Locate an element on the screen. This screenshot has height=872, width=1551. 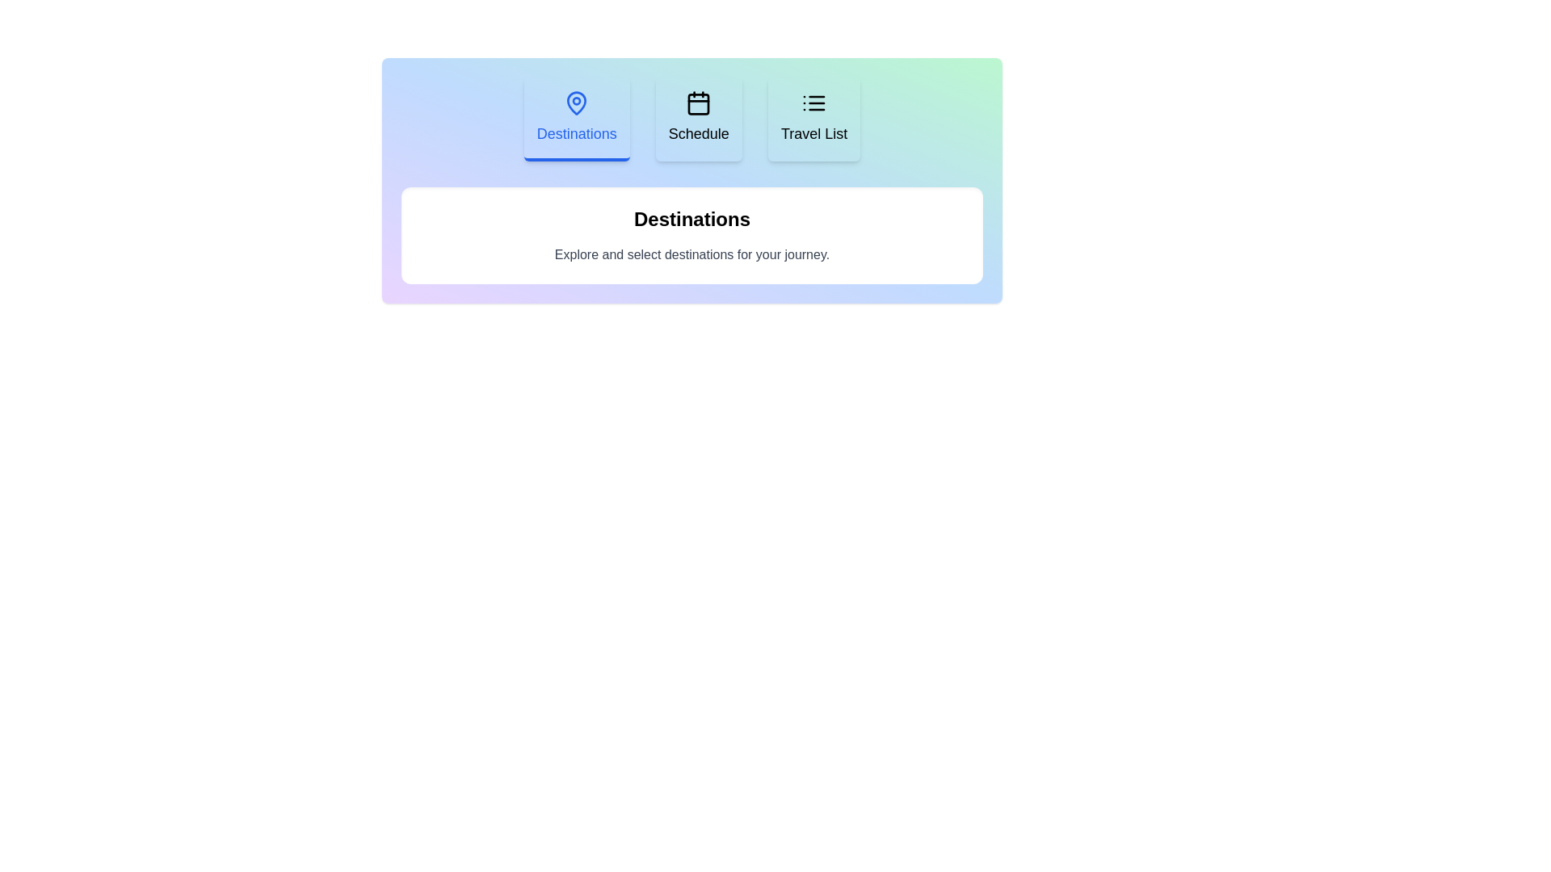
the Travel List tab is located at coordinates (814, 118).